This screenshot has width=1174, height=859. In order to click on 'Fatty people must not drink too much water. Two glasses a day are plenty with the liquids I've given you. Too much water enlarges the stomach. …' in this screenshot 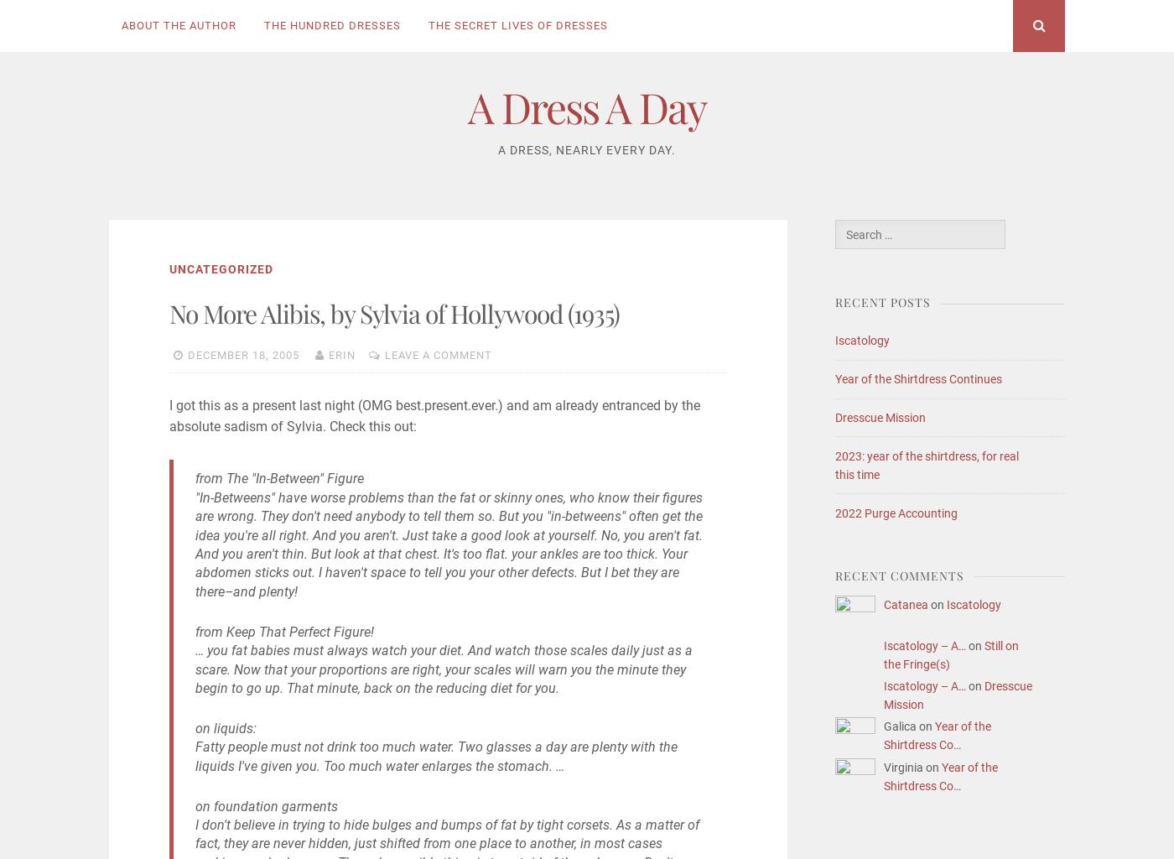, I will do `click(435, 755)`.